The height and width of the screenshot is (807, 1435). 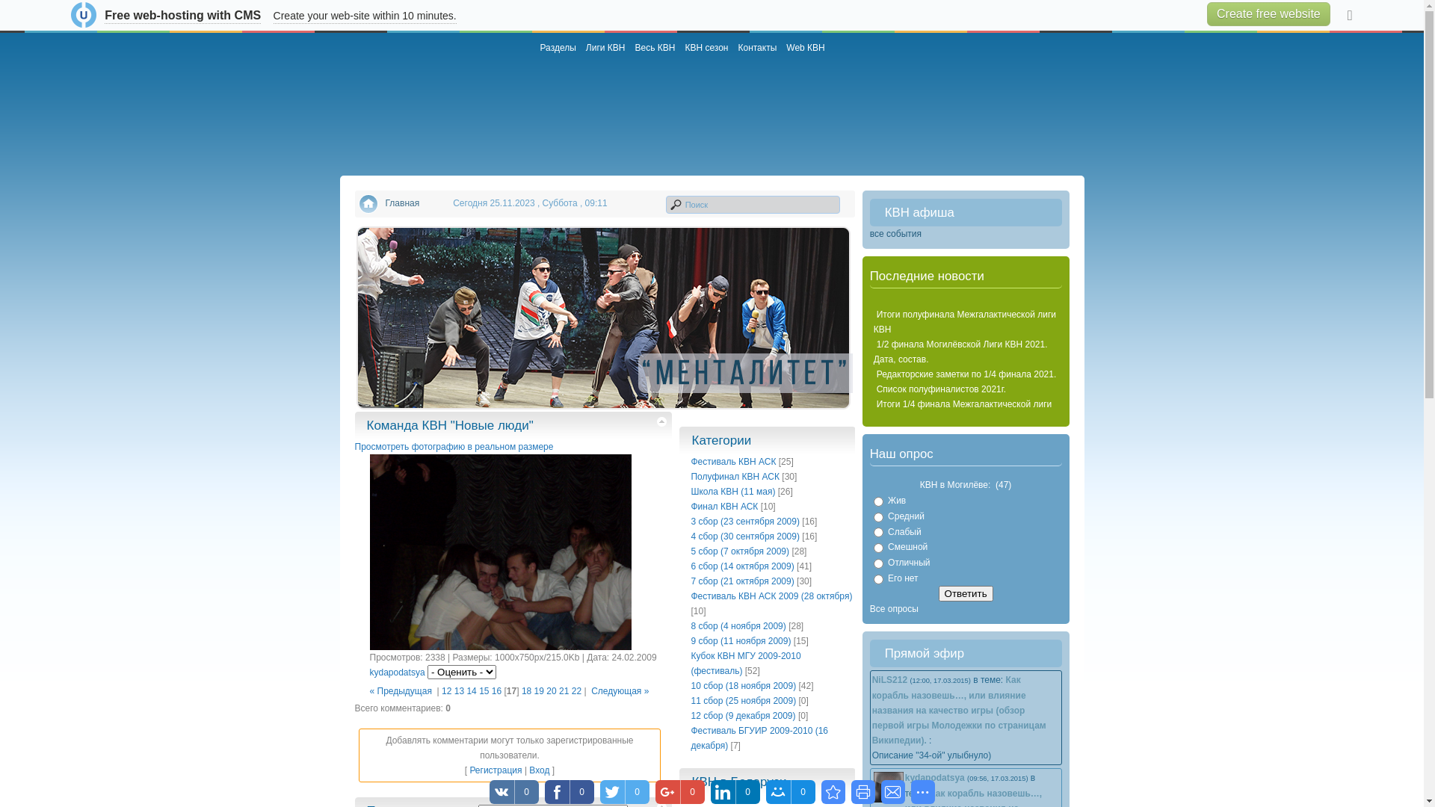 What do you see at coordinates (496, 691) in the screenshot?
I see `'16'` at bounding box center [496, 691].